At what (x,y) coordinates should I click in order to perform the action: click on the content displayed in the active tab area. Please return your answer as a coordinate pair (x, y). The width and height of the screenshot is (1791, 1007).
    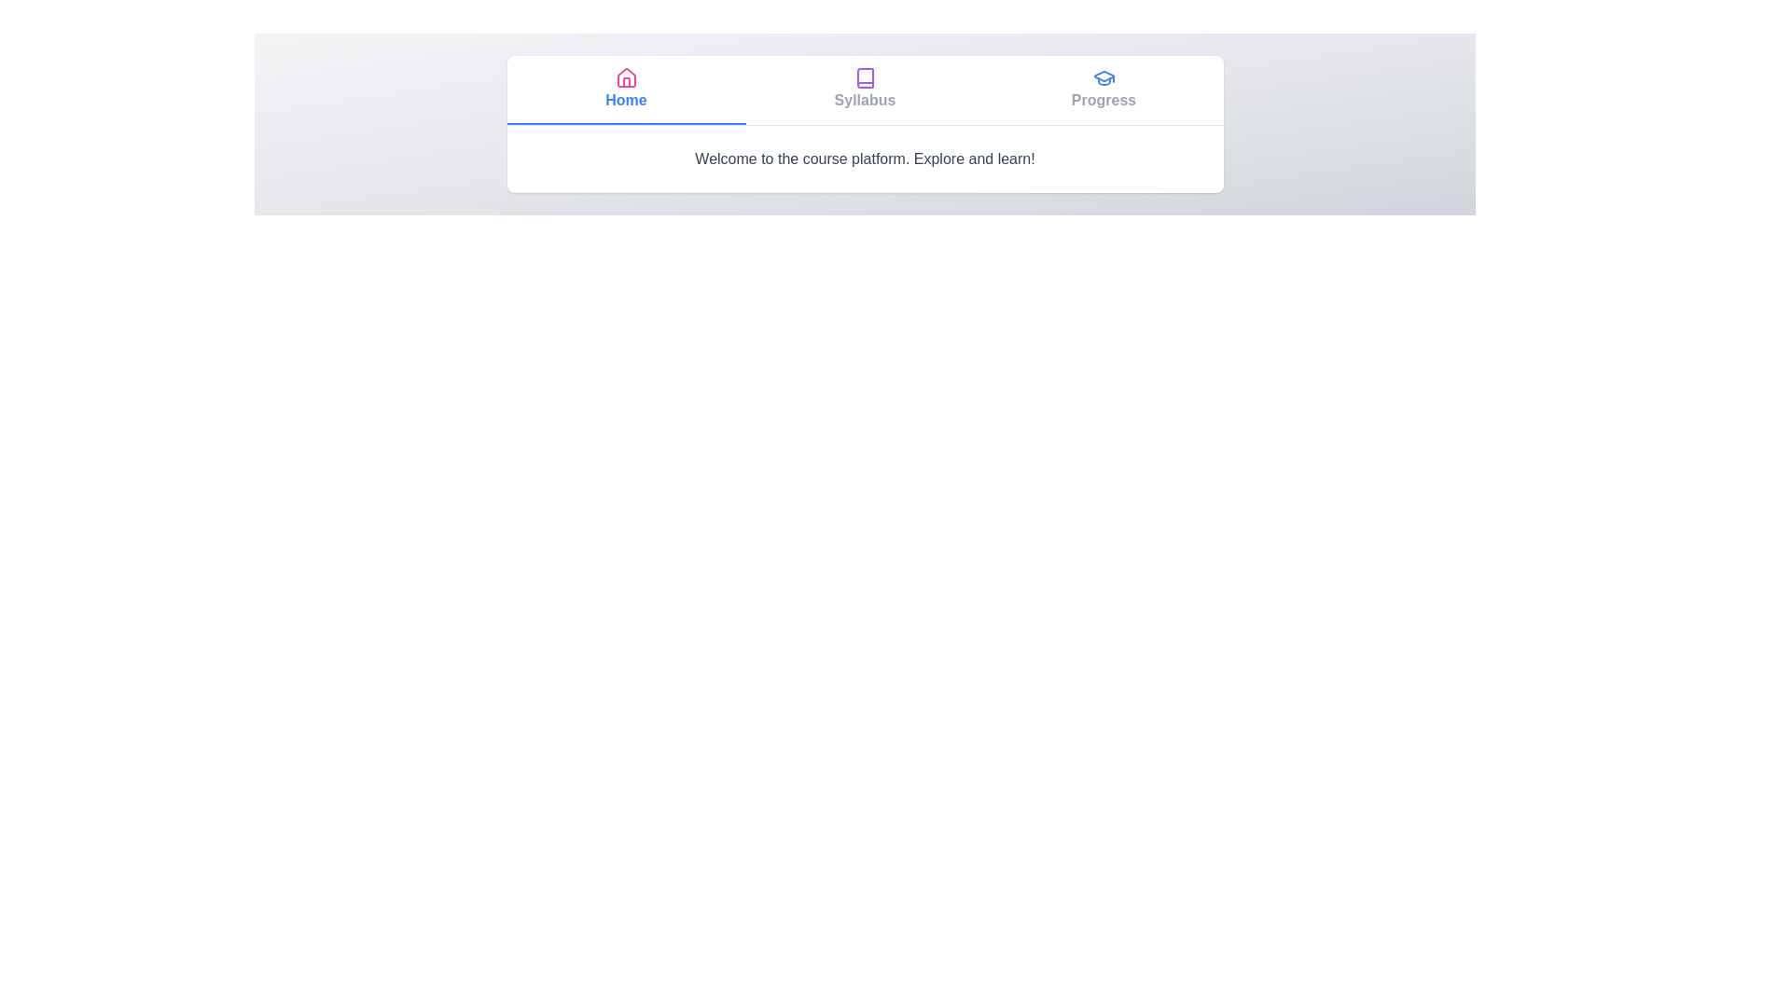
    Looking at the image, I should click on (864, 158).